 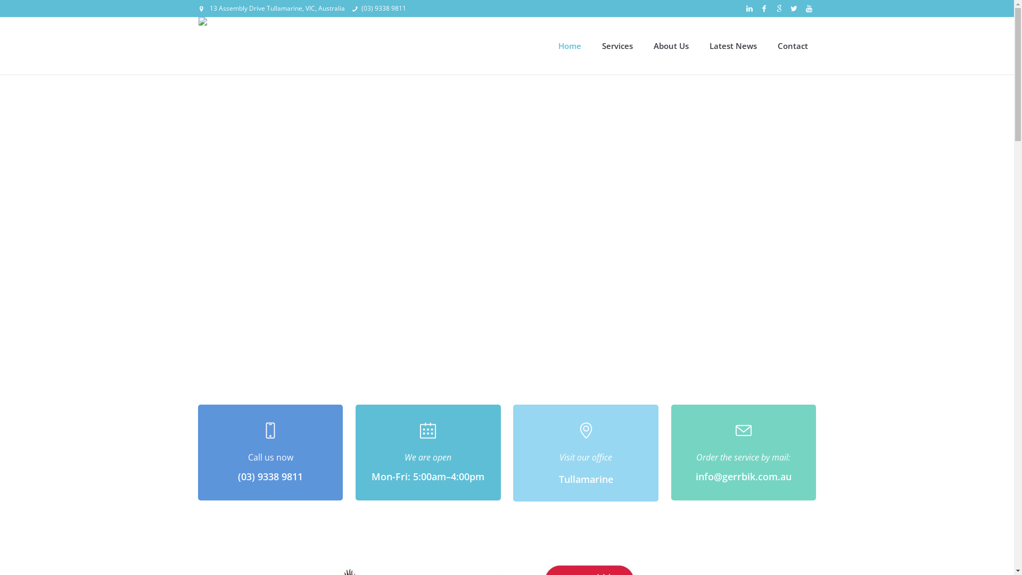 I want to click on 'info@gerrbik.com.au', so click(x=743, y=475).